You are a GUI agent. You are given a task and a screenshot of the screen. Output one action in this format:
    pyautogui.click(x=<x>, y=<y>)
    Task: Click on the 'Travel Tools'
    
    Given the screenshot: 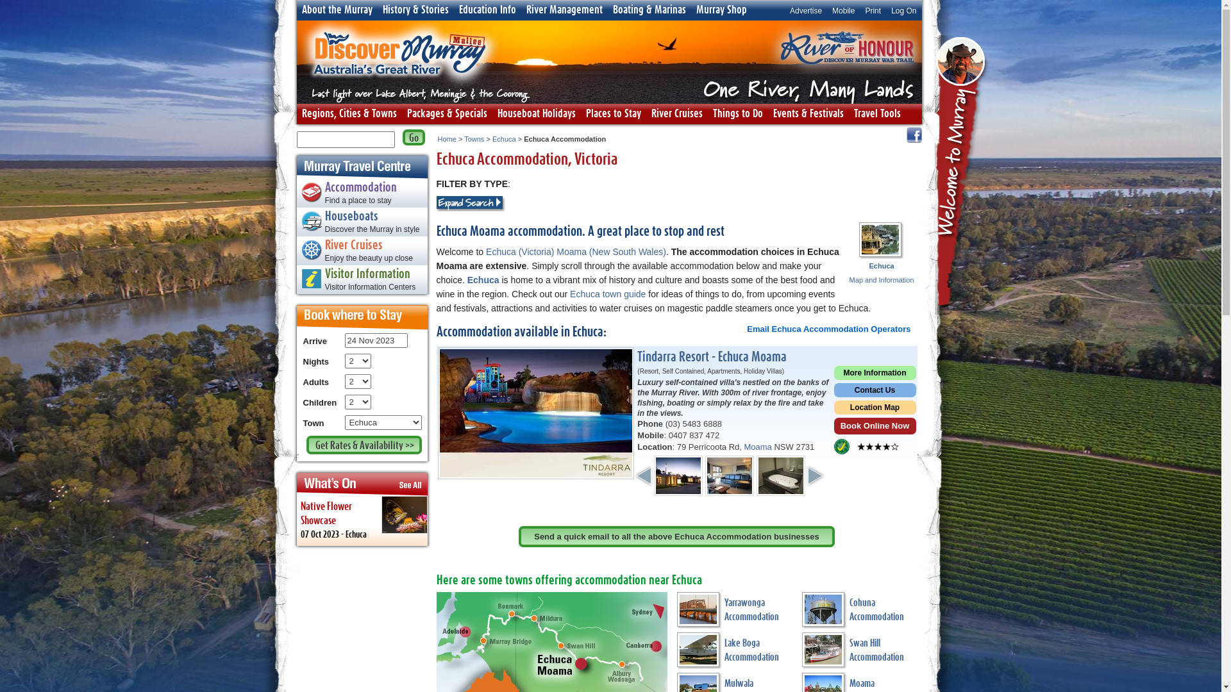 What is the action you would take?
    pyautogui.click(x=876, y=113)
    